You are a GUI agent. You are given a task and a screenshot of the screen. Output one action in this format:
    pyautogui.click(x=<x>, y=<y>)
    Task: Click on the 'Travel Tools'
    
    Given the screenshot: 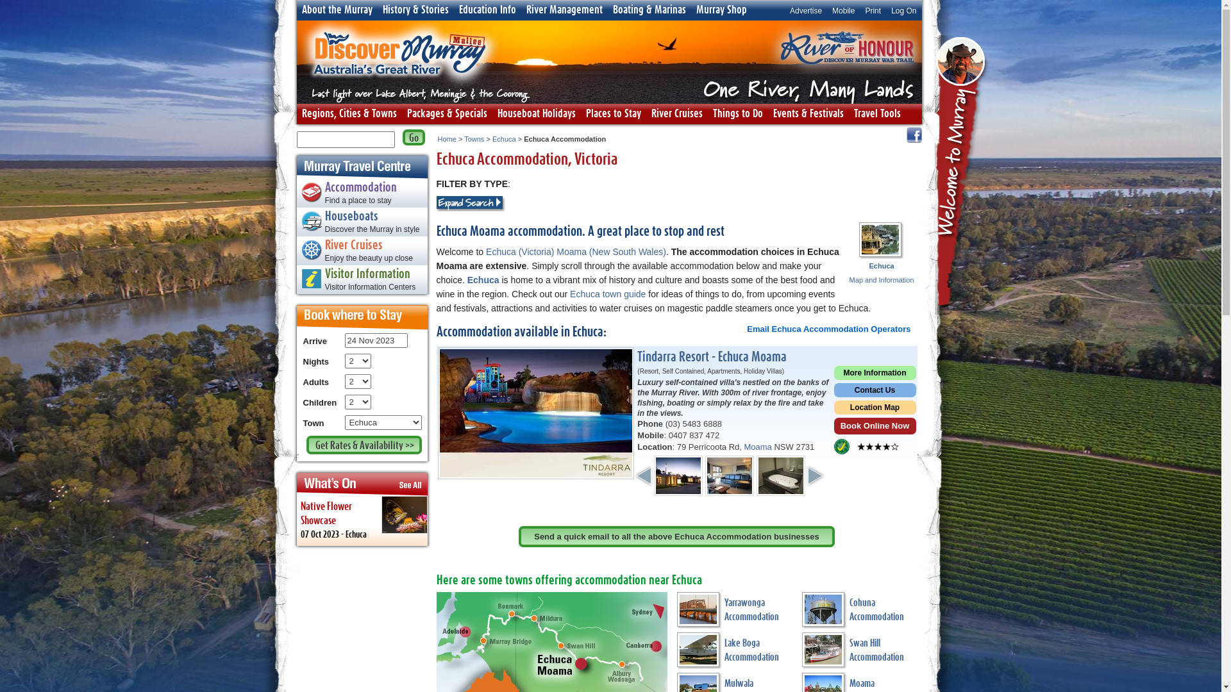 What is the action you would take?
    pyautogui.click(x=876, y=113)
    